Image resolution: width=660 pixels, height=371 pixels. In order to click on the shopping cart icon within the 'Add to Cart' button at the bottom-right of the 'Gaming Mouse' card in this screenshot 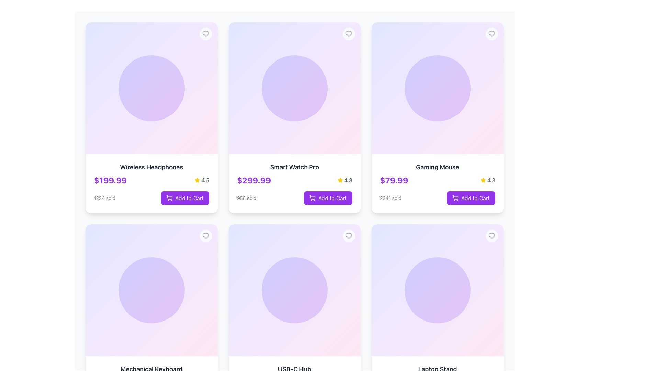, I will do `click(455, 197)`.